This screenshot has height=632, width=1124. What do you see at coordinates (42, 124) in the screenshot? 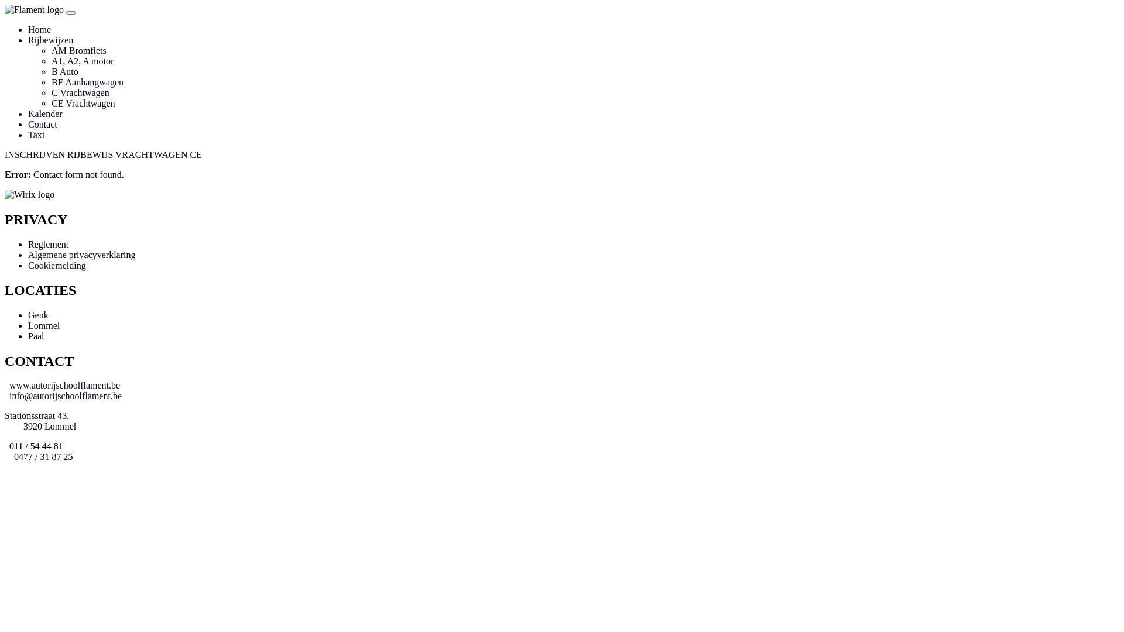
I see `'Contact'` at bounding box center [42, 124].